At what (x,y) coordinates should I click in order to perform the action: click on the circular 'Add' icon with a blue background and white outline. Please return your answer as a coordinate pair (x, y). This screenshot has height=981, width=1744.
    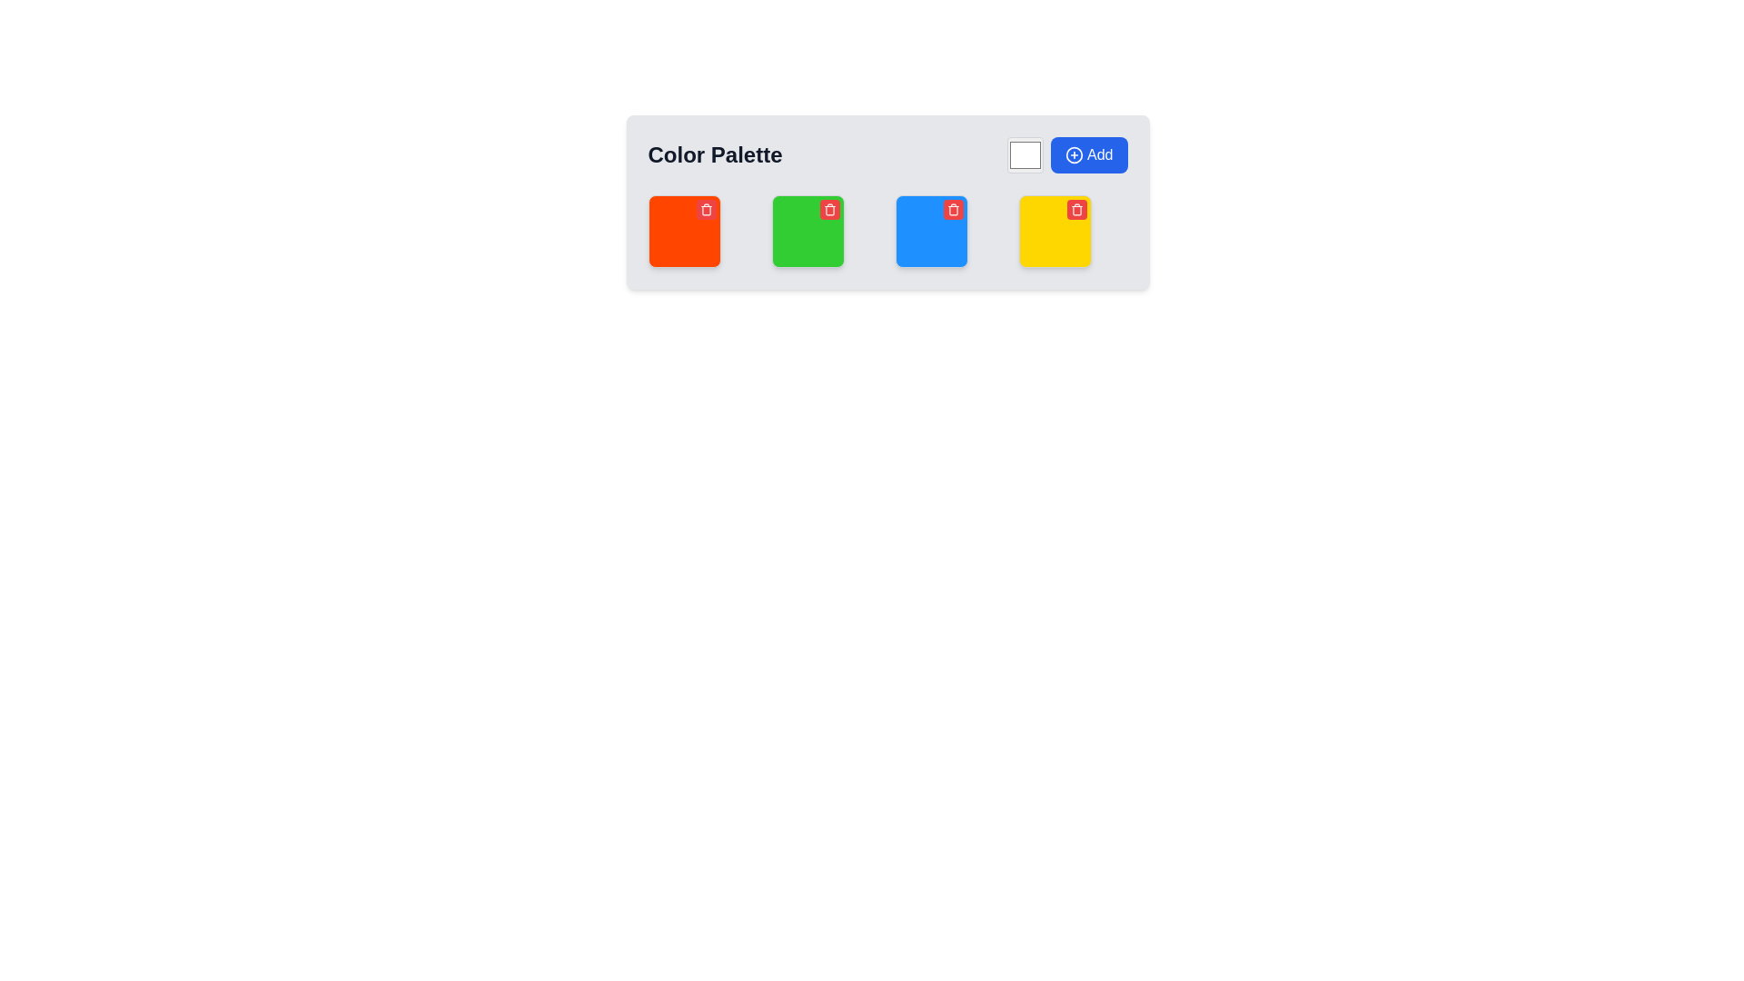
    Looking at the image, I should click on (1075, 154).